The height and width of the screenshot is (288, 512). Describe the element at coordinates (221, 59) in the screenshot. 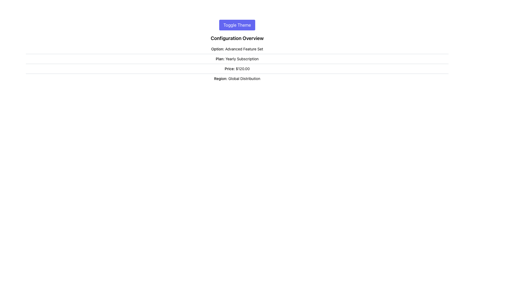

I see `the Static Text element labeled 'Plan' in the Configuration Overview section, which indicates the associated value 'Yearly Subscription'` at that location.